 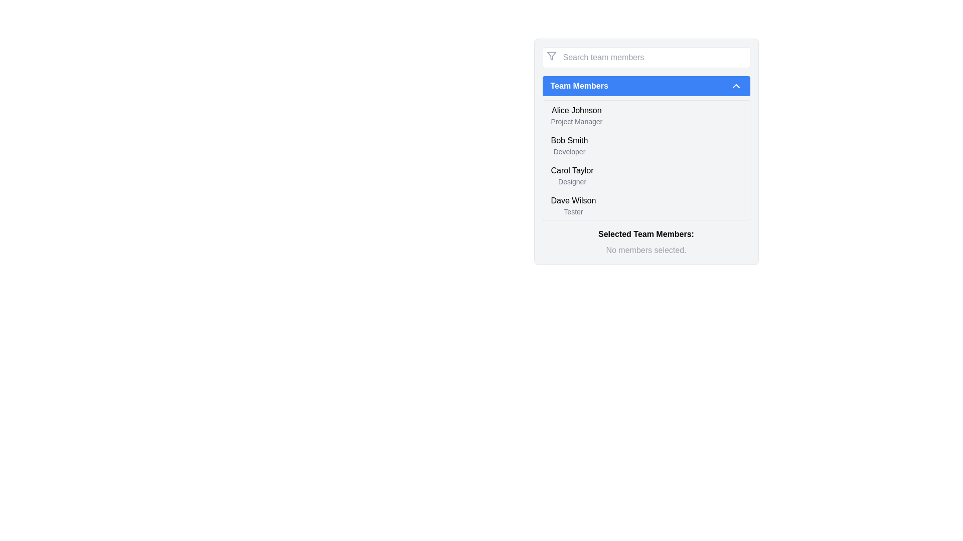 What do you see at coordinates (572, 181) in the screenshot?
I see `the Text label providing additional information about the role of the individual listed below 'Carol Taylor' in the 'Team Members' dropdown menu` at bounding box center [572, 181].